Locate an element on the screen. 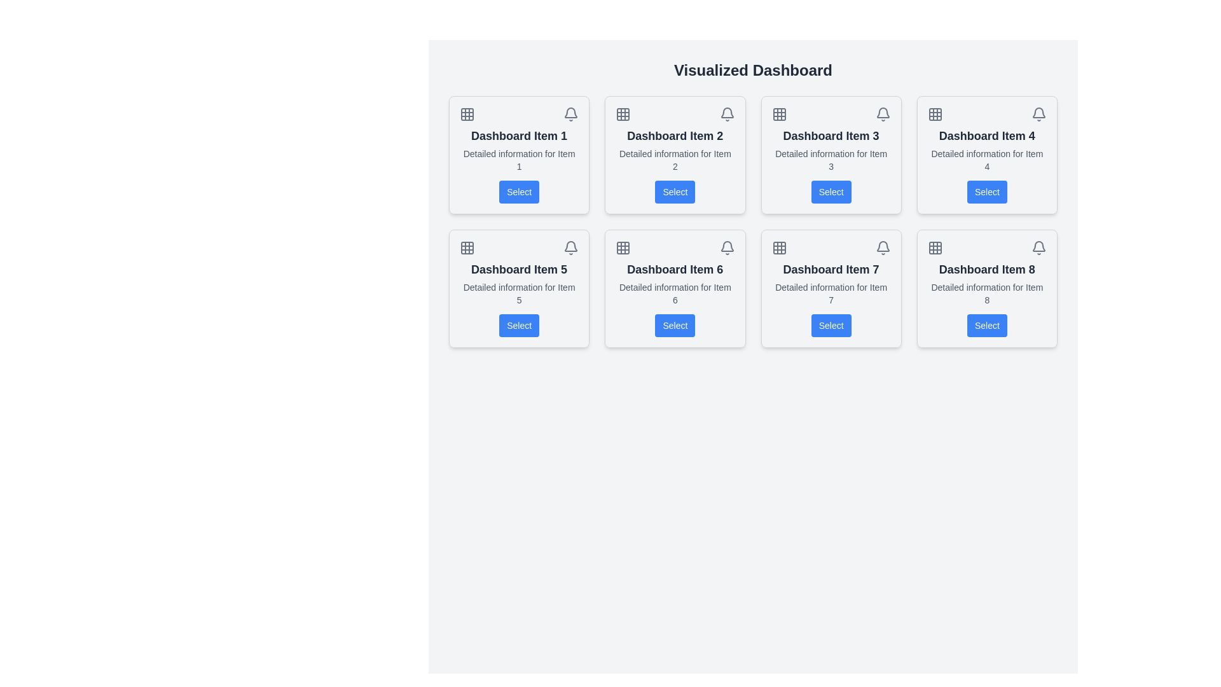 The height and width of the screenshot is (687, 1221). the Text Label styled as 'Dashboard Item 3', which is positioned at the top-center of the third dashboard module card is located at coordinates (831, 135).